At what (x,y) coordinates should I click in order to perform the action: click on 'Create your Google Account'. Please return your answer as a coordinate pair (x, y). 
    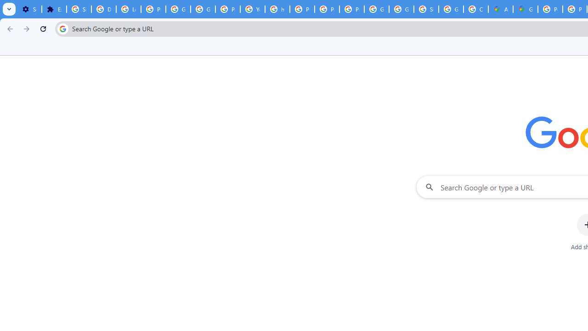
    Looking at the image, I should click on (476, 9).